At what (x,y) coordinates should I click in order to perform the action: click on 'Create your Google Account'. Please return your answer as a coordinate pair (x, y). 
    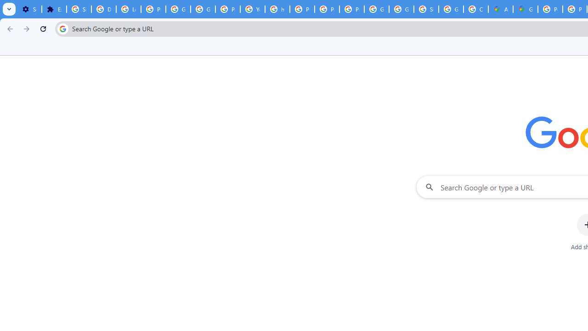
    Looking at the image, I should click on (476, 9).